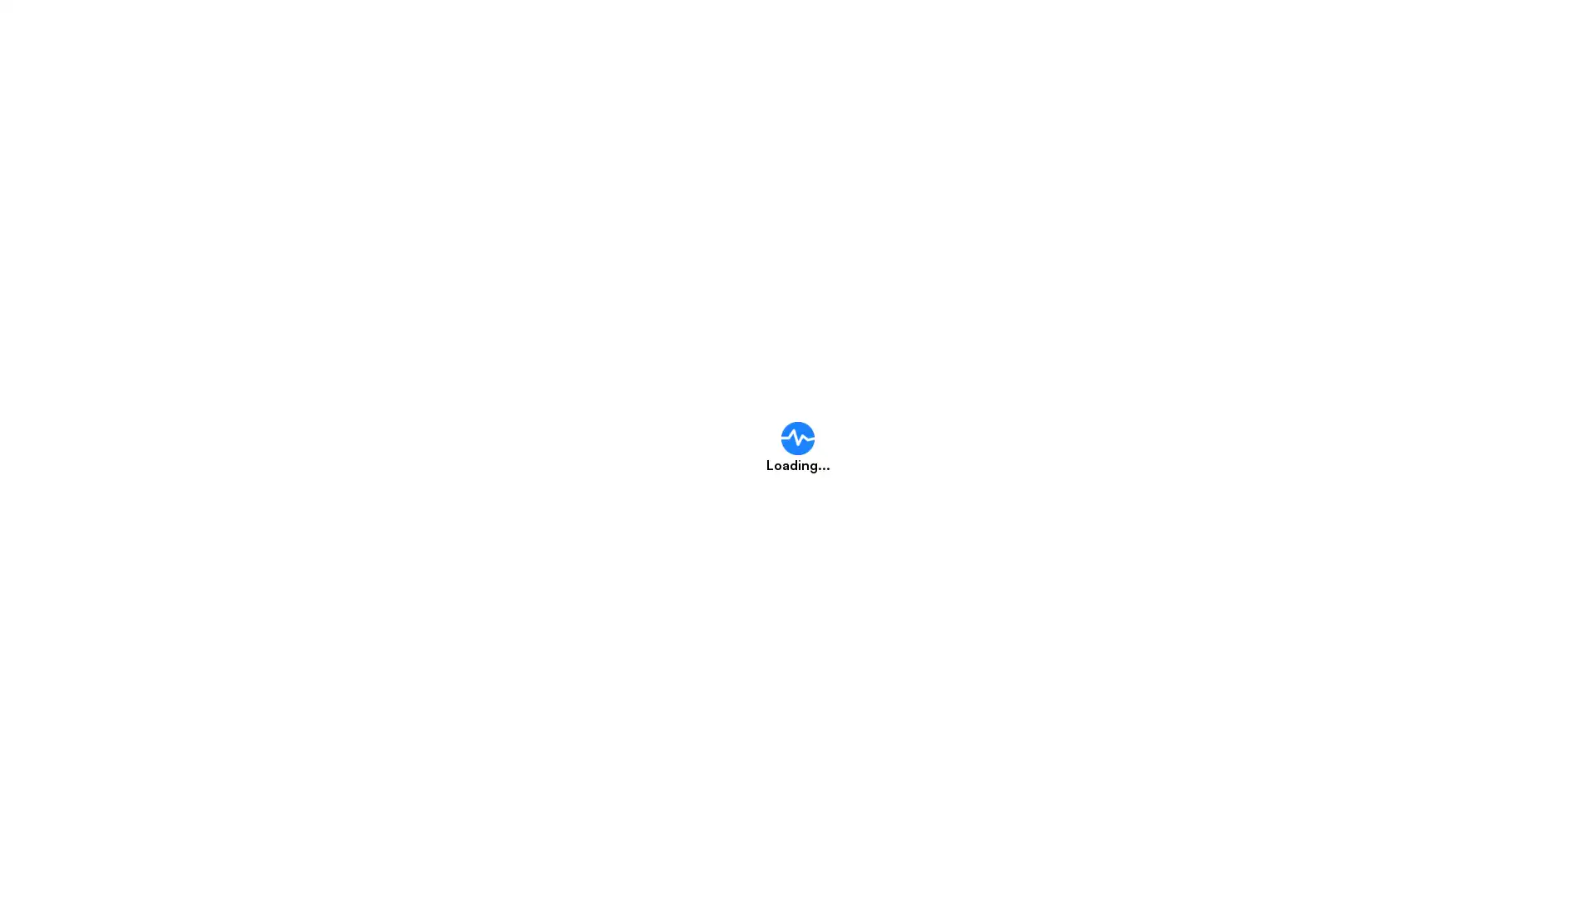 The width and height of the screenshot is (1596, 897). What do you see at coordinates (1127, 378) in the screenshot?
I see `GO` at bounding box center [1127, 378].